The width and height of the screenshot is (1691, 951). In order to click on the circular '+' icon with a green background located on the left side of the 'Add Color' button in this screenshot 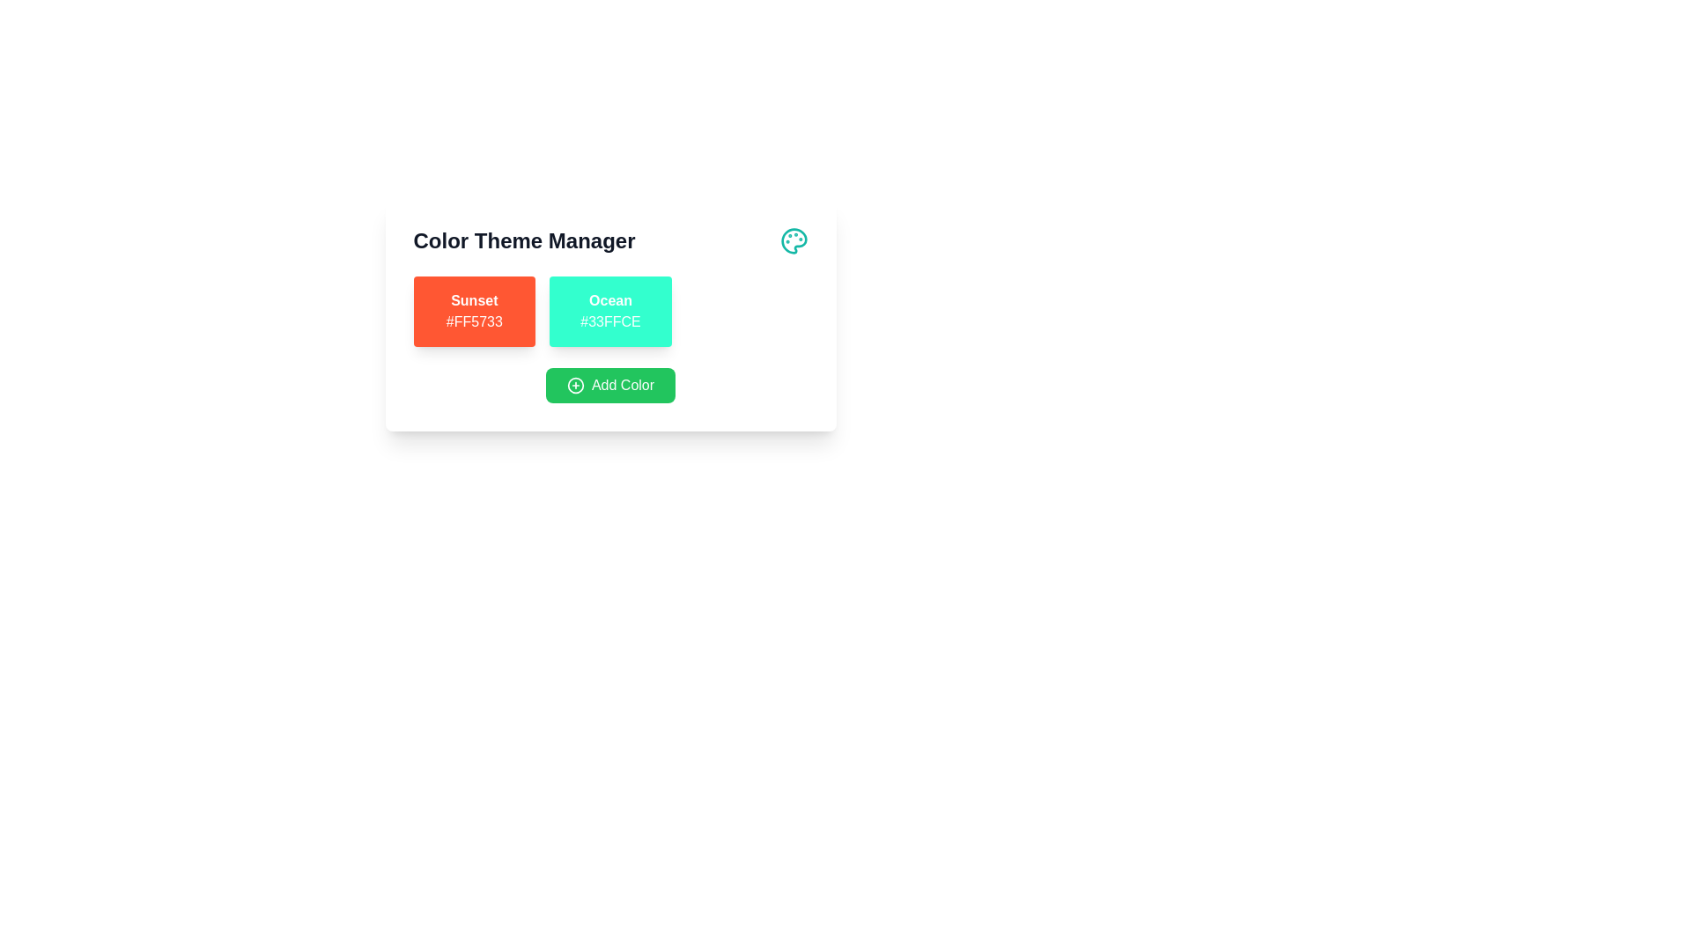, I will do `click(575, 385)`.